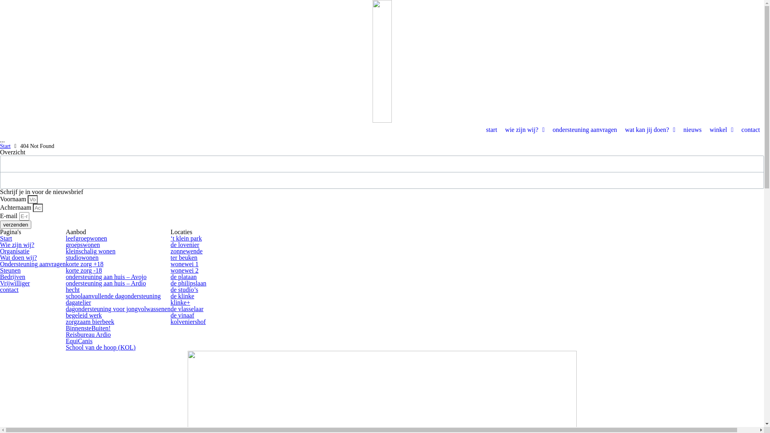  Describe the element at coordinates (650, 129) in the screenshot. I see `'wat kan jij doen?'` at that location.